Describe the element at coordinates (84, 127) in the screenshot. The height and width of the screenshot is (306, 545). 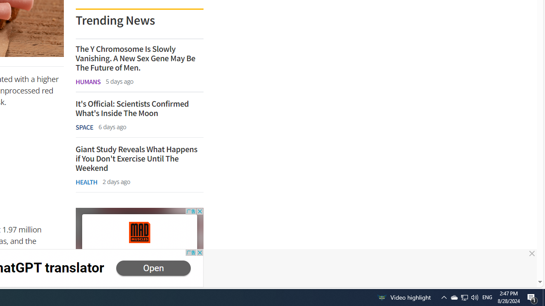
I see `'SPACE'` at that location.